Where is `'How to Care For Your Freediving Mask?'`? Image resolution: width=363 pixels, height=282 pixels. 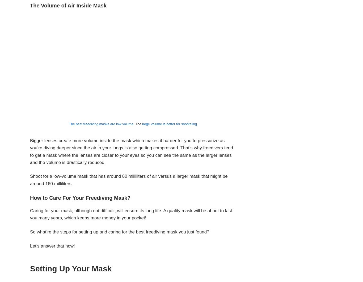
'How to Care For Your Freediving Mask?' is located at coordinates (80, 198).